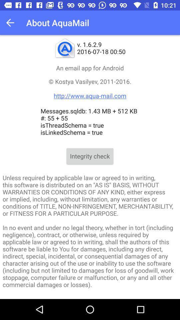 This screenshot has height=320, width=180. What do you see at coordinates (90, 88) in the screenshot?
I see `item below the an email app` at bounding box center [90, 88].